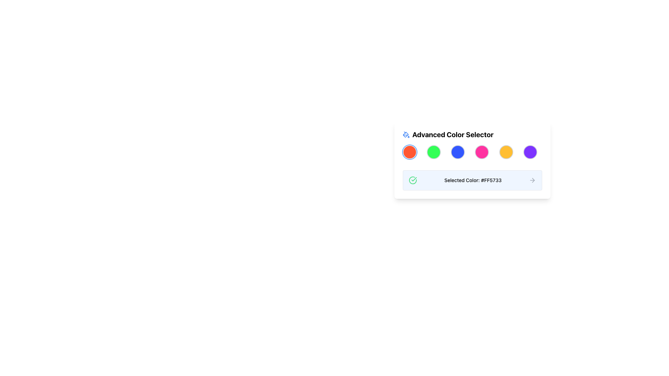 The height and width of the screenshot is (376, 669). What do you see at coordinates (532, 180) in the screenshot?
I see `the navigation icon located to the right of the text 'Selected Color: #FF5733'` at bounding box center [532, 180].